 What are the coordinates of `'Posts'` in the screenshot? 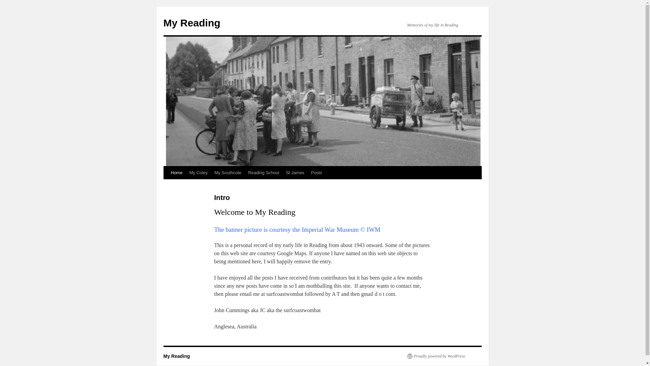 It's located at (316, 172).